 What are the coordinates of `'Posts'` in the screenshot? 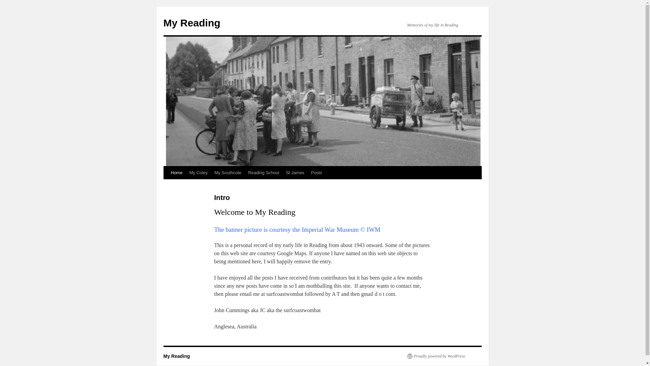 It's located at (316, 172).